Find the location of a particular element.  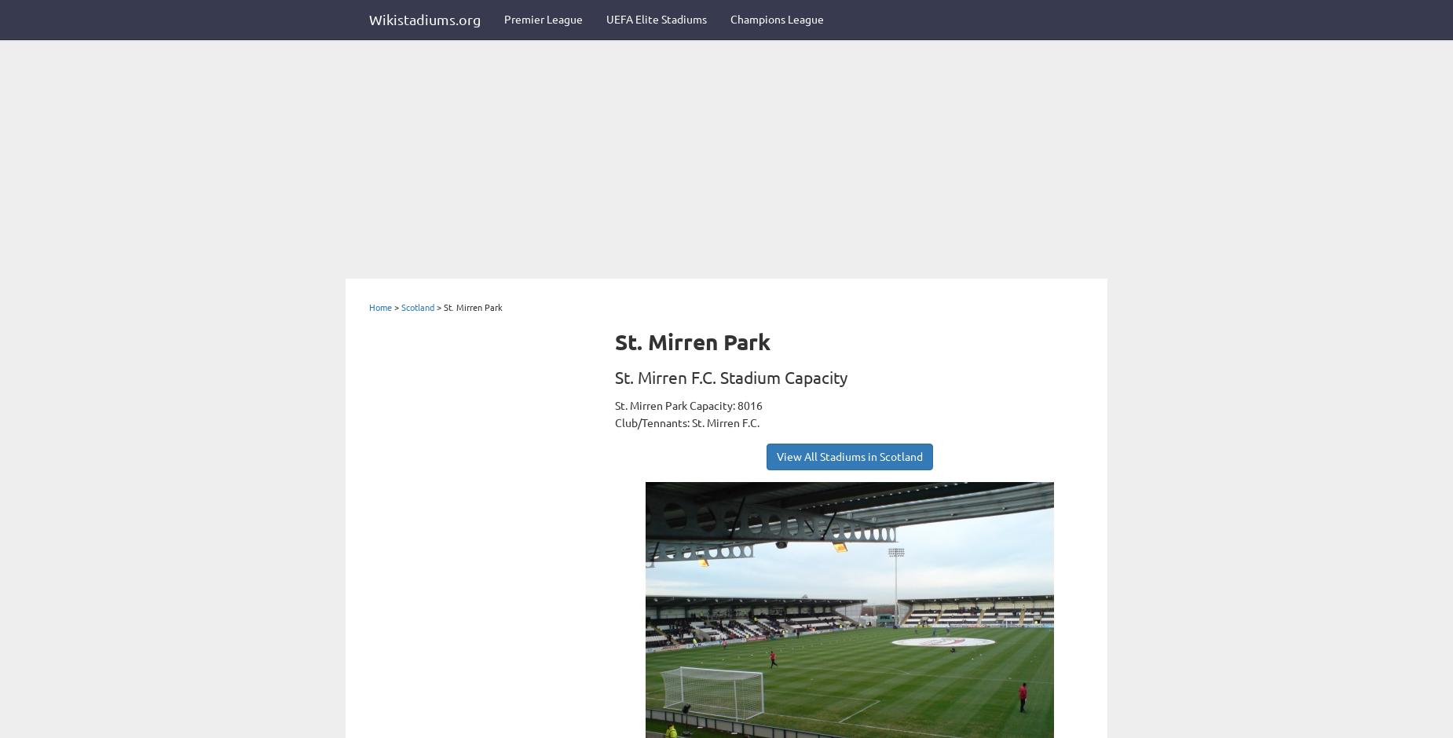

'St. Mirren Park Capacity: 8016' is located at coordinates (689, 404).